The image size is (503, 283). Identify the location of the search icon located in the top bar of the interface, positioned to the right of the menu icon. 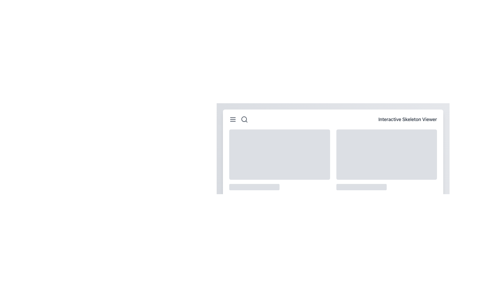
(244, 119).